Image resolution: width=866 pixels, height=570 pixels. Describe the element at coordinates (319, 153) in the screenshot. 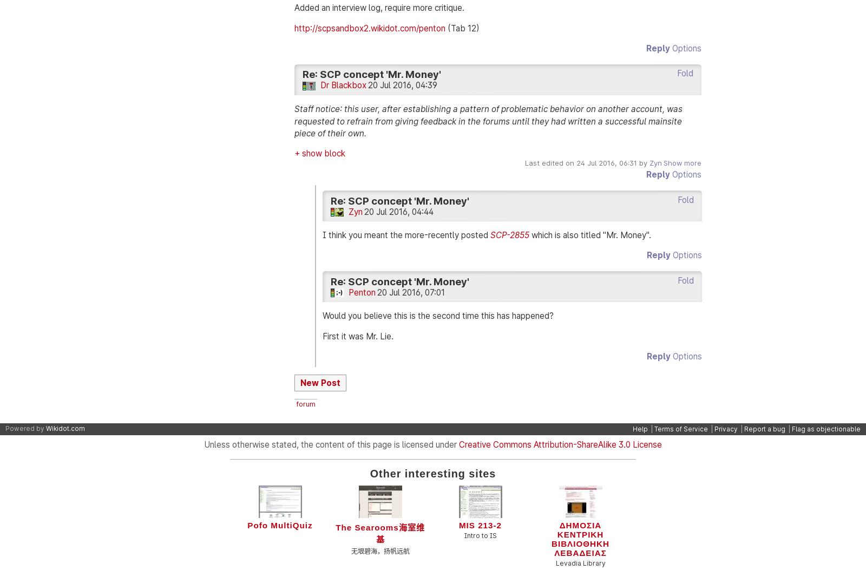

I see `'+ show block'` at that location.